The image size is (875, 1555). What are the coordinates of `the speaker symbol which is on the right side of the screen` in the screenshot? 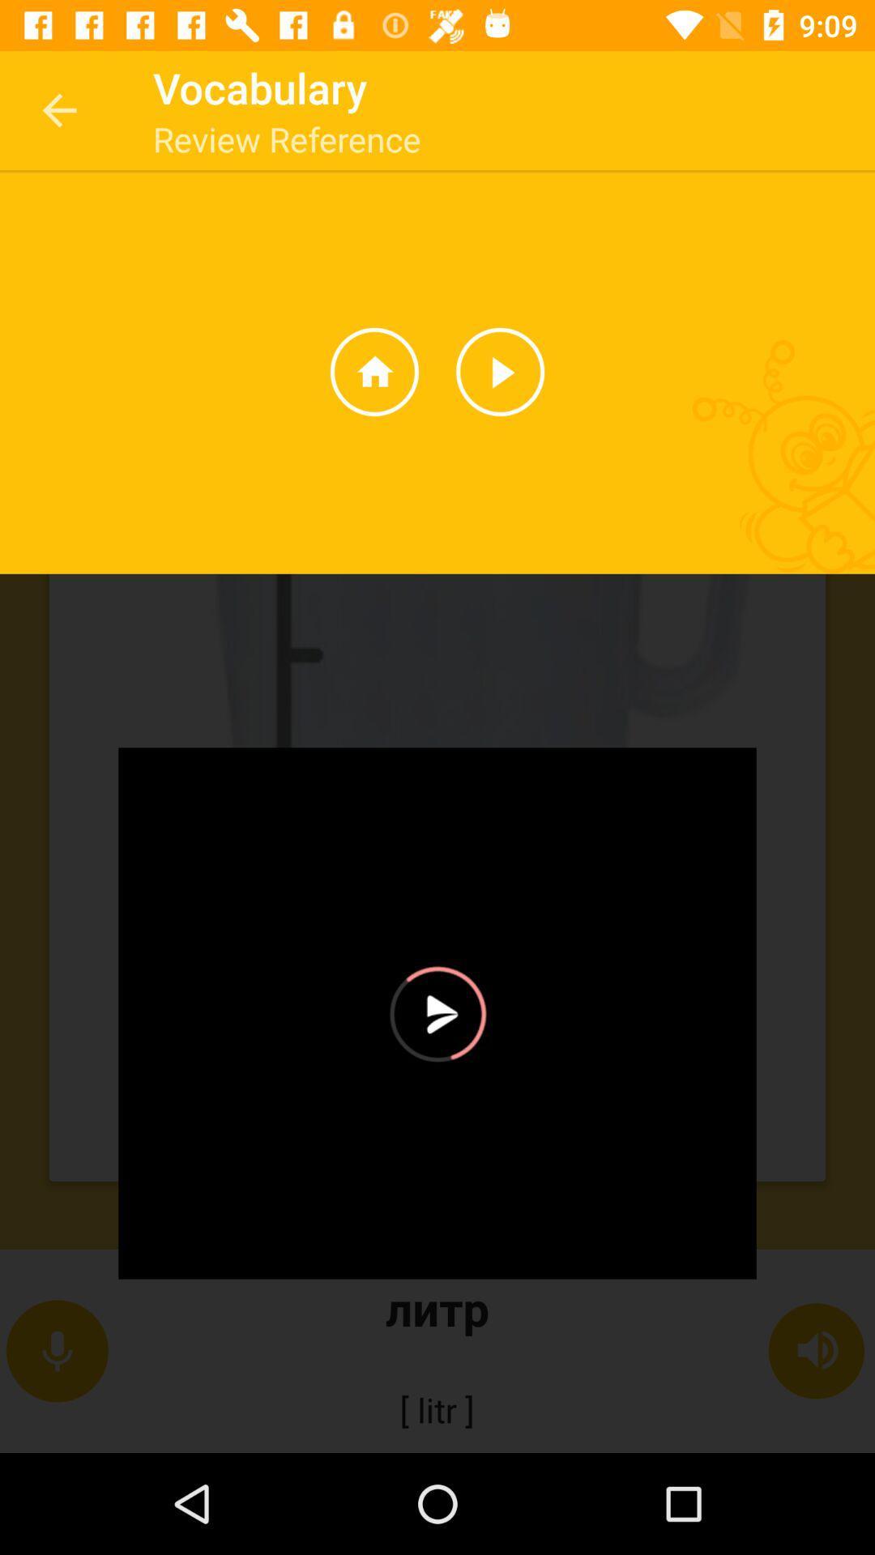 It's located at (817, 1351).